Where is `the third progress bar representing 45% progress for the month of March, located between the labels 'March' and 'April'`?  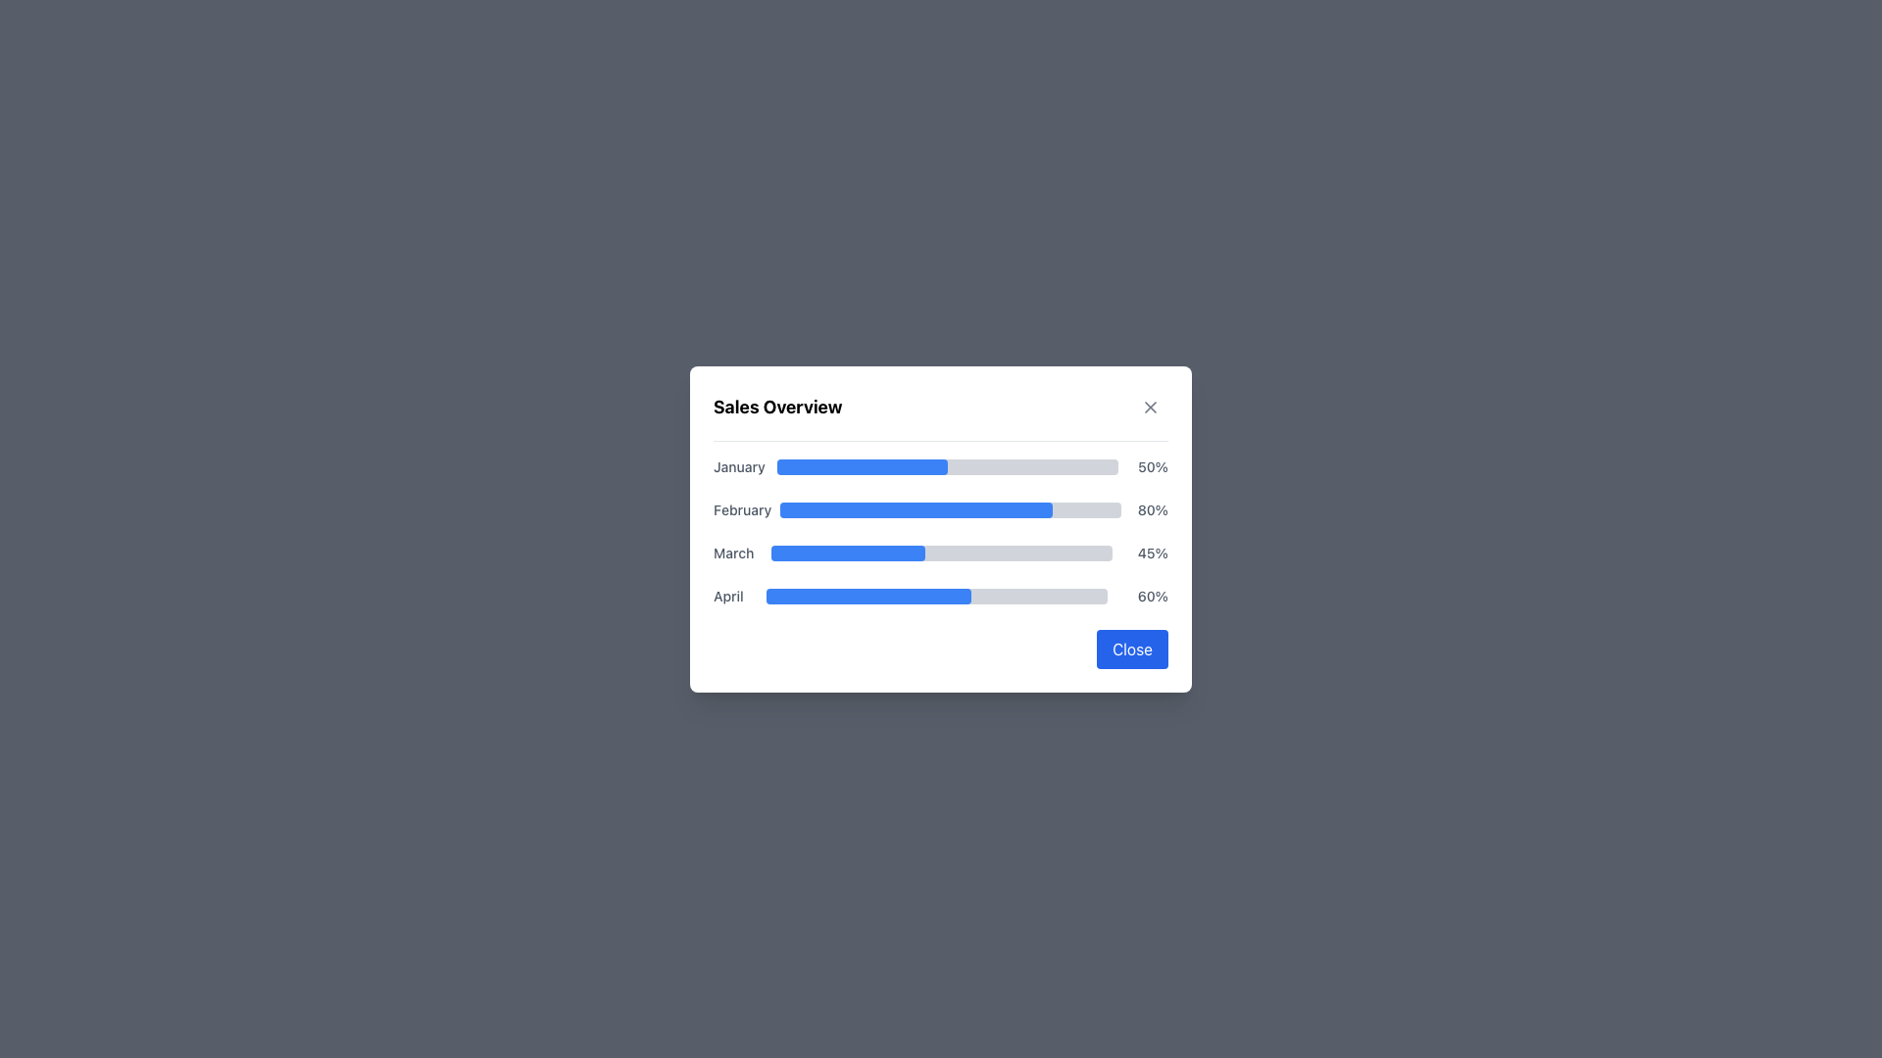
the third progress bar representing 45% progress for the month of March, located between the labels 'March' and 'April' is located at coordinates (942, 553).